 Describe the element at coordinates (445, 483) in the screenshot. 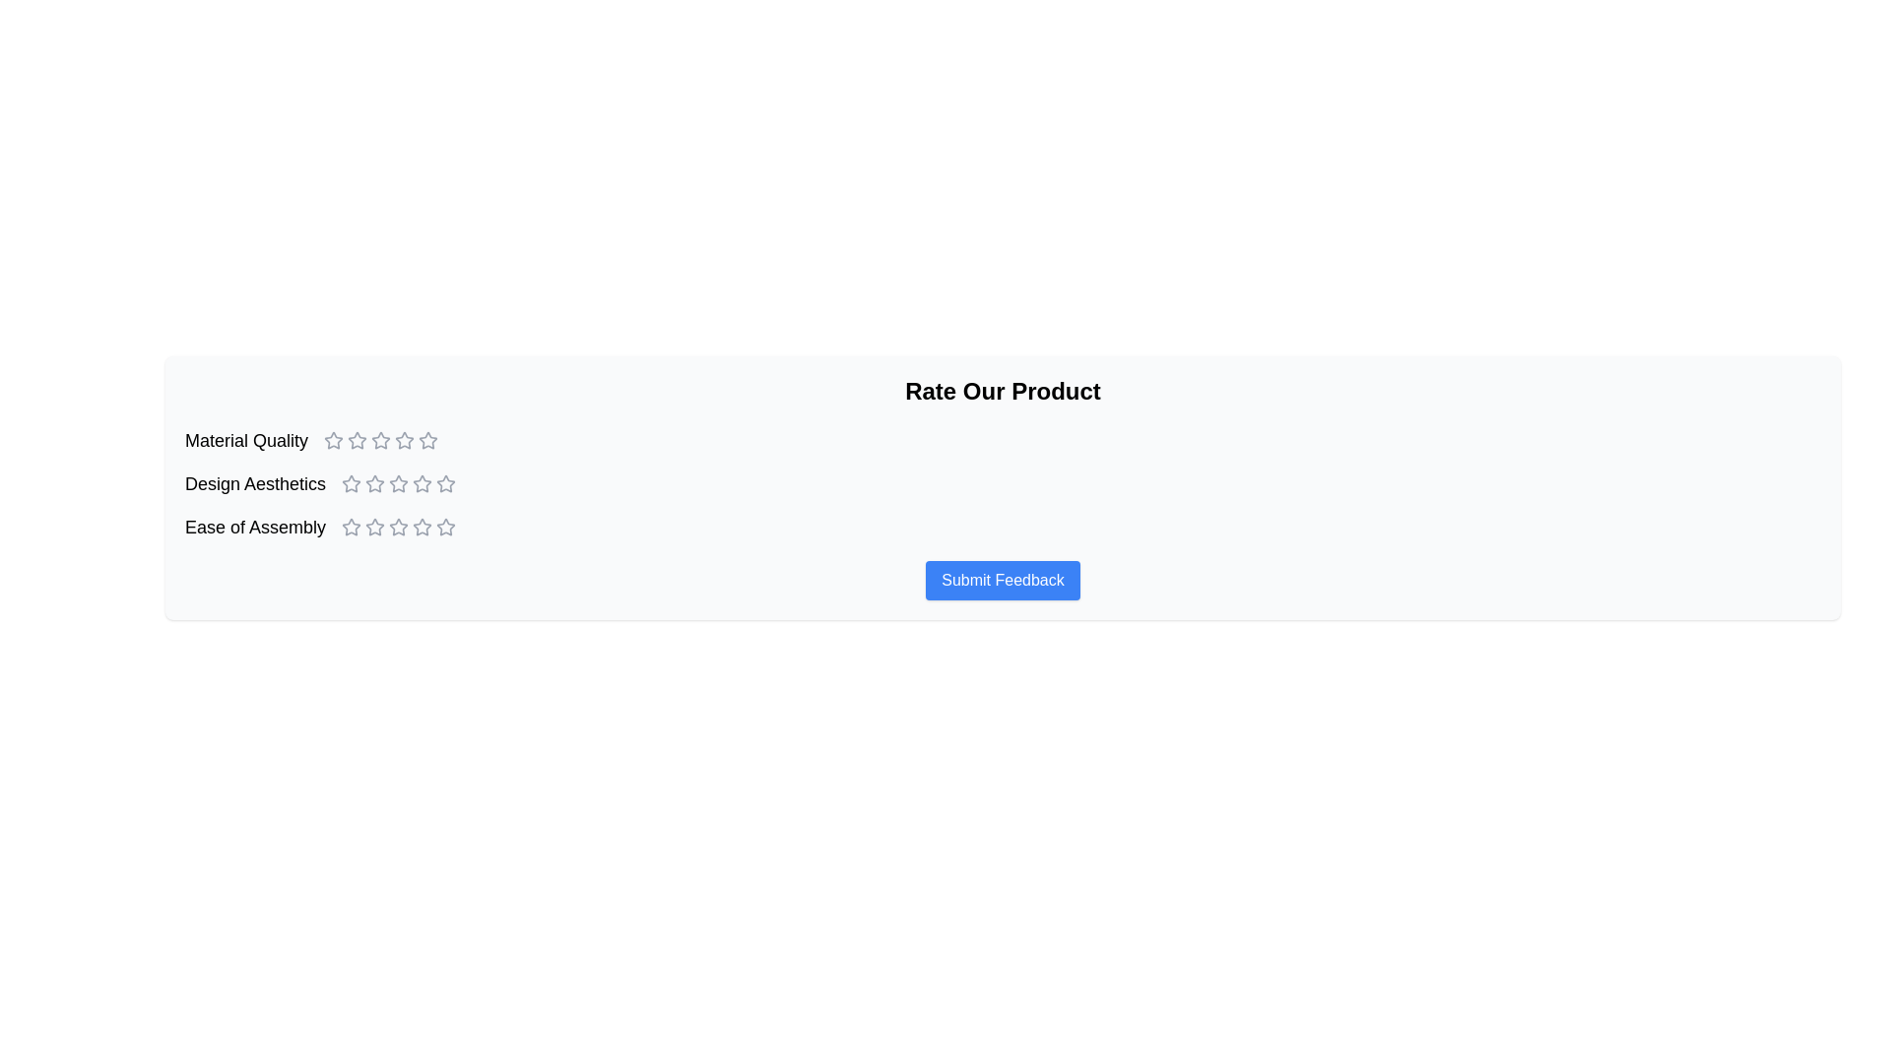

I see `the second star in the five-star rating component for 'Design Aesthetics'` at that location.